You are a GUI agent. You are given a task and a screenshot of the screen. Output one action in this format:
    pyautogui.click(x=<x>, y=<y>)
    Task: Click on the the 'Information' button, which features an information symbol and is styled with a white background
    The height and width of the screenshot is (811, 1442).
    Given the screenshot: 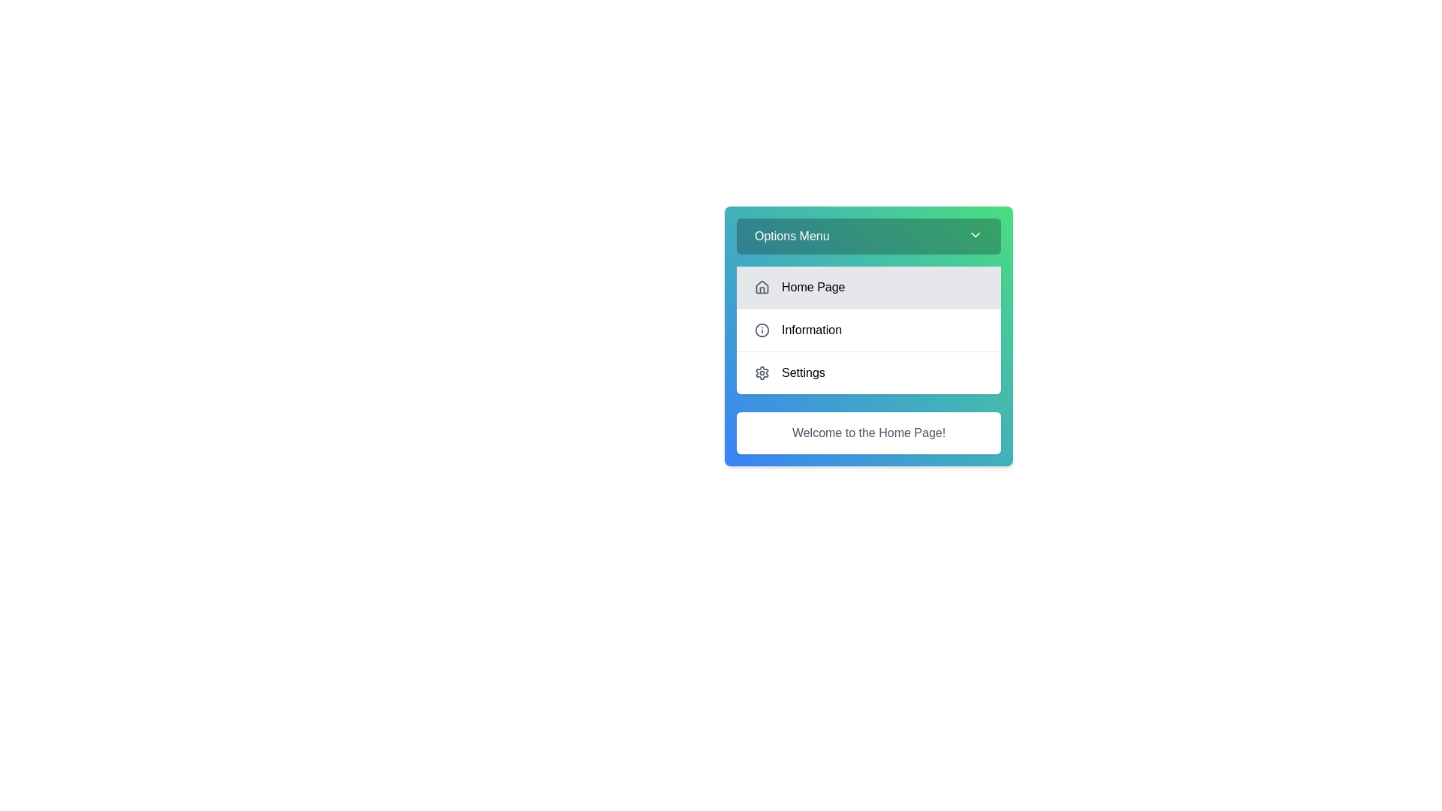 What is the action you would take?
    pyautogui.click(x=868, y=329)
    